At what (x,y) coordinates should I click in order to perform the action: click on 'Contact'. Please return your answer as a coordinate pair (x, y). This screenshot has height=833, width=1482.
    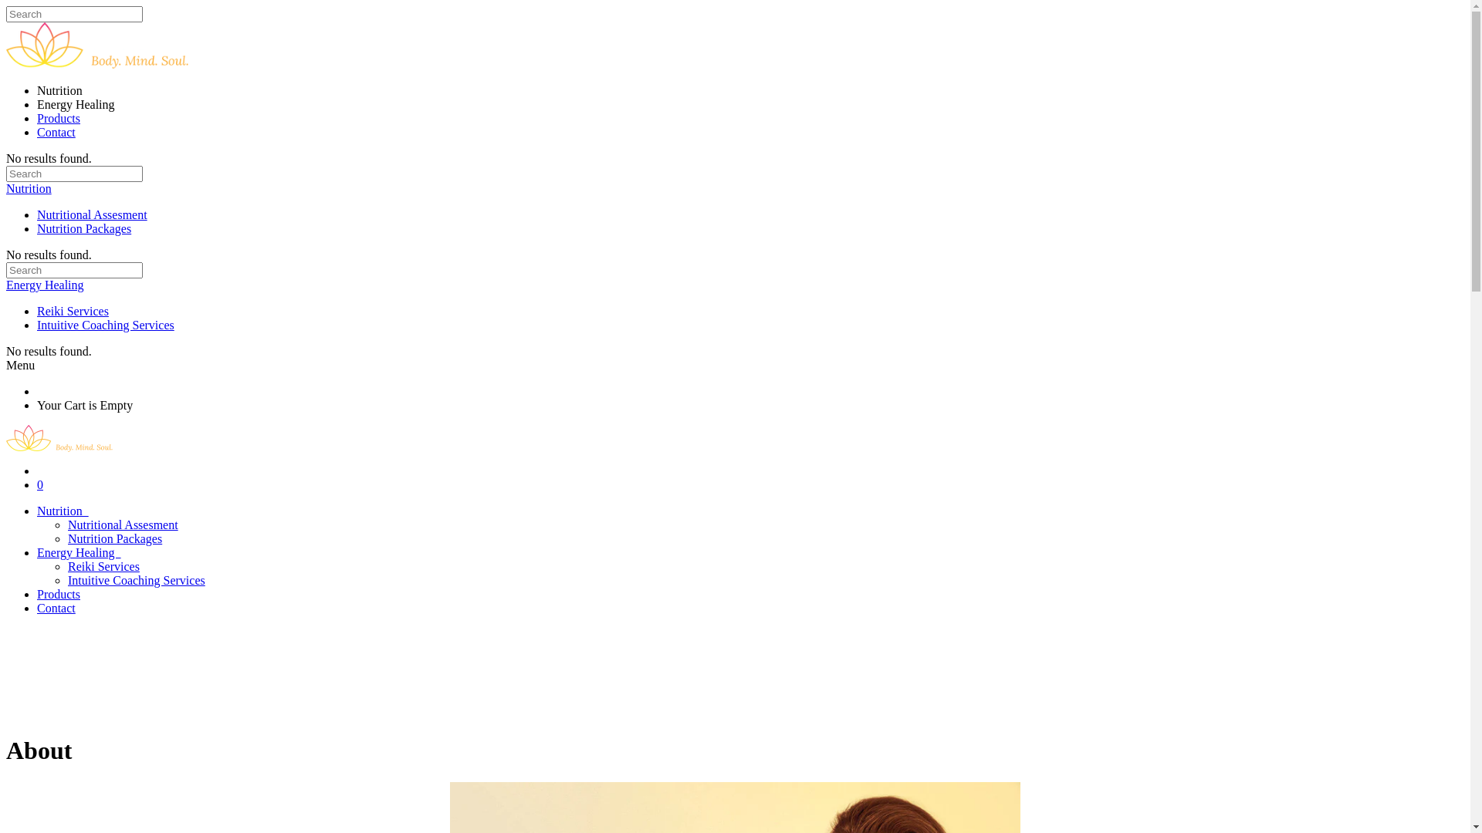
    Looking at the image, I should click on (37, 607).